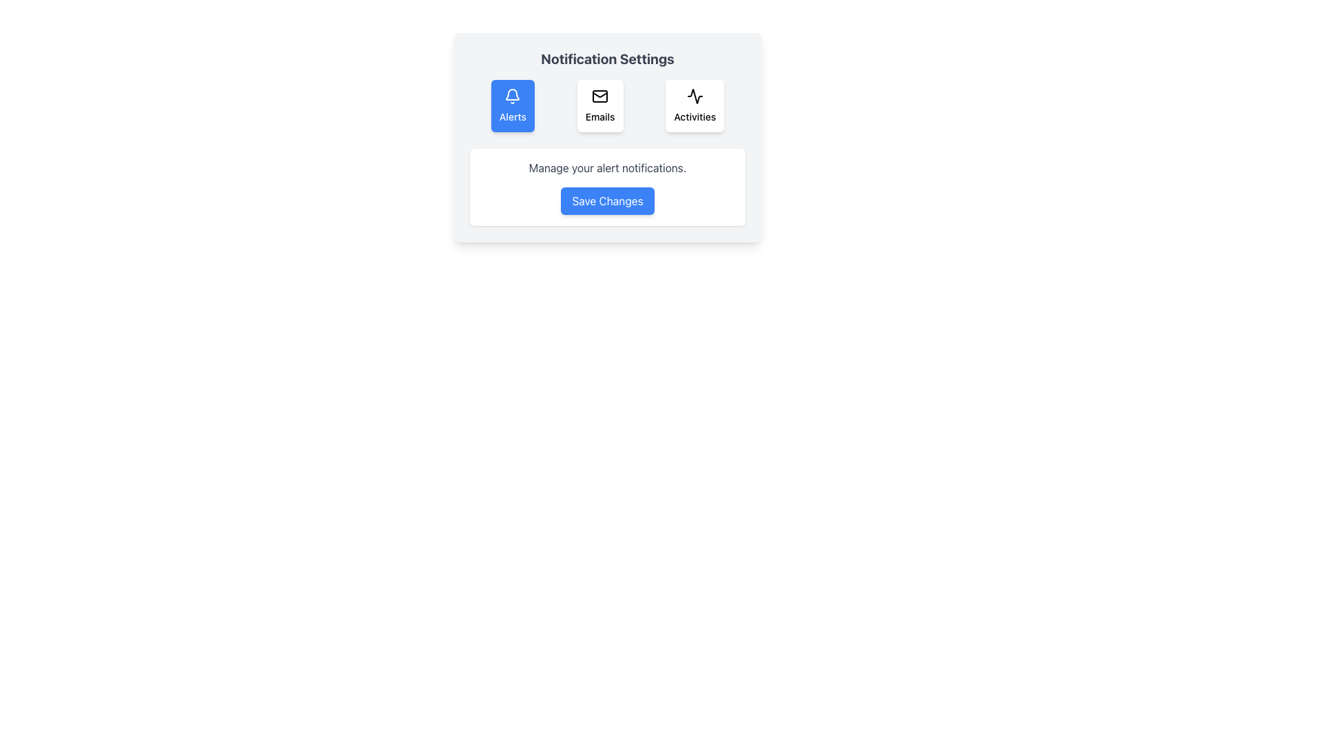 The image size is (1323, 744). Describe the element at coordinates (607, 167) in the screenshot. I see `the text label that says 'Manage your alert notifications.' which is located below the toggles section for 'Alerts', 'Emails', and 'Activities' and above the 'Save Changes' button in the 'Notification Settings' section` at that location.